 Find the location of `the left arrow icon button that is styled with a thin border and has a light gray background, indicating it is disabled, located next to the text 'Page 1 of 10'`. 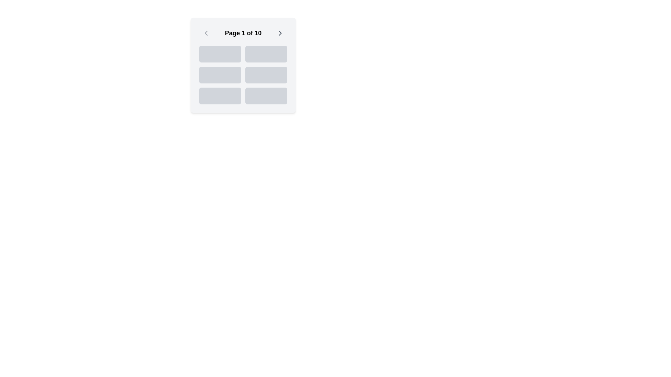

the left arrow icon button that is styled with a thin border and has a light gray background, indicating it is disabled, located next to the text 'Page 1 of 10' is located at coordinates (206, 33).